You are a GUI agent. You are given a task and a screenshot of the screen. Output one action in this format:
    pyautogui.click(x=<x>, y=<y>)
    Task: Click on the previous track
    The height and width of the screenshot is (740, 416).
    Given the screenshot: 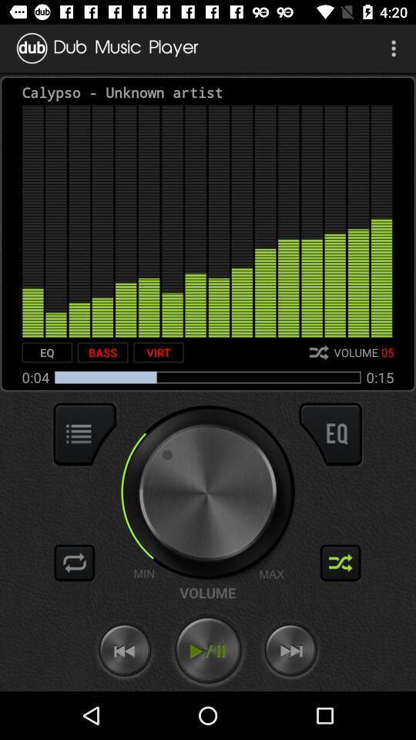 What is the action you would take?
    pyautogui.click(x=124, y=650)
    